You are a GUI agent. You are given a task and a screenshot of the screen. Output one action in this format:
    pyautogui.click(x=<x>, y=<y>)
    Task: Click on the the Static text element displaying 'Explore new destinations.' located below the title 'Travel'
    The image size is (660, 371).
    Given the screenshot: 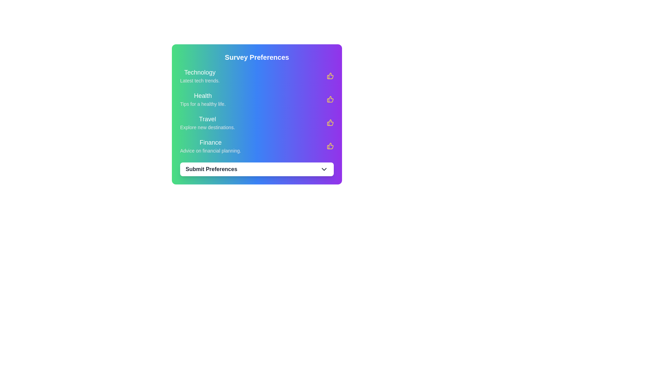 What is the action you would take?
    pyautogui.click(x=207, y=127)
    